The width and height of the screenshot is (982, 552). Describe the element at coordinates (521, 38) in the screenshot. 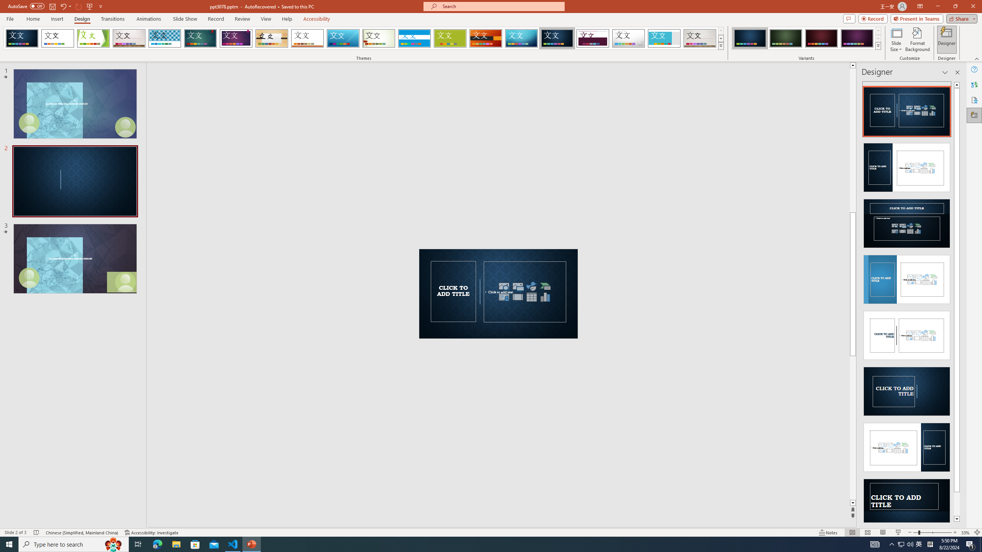

I see `'Circuit'` at that location.